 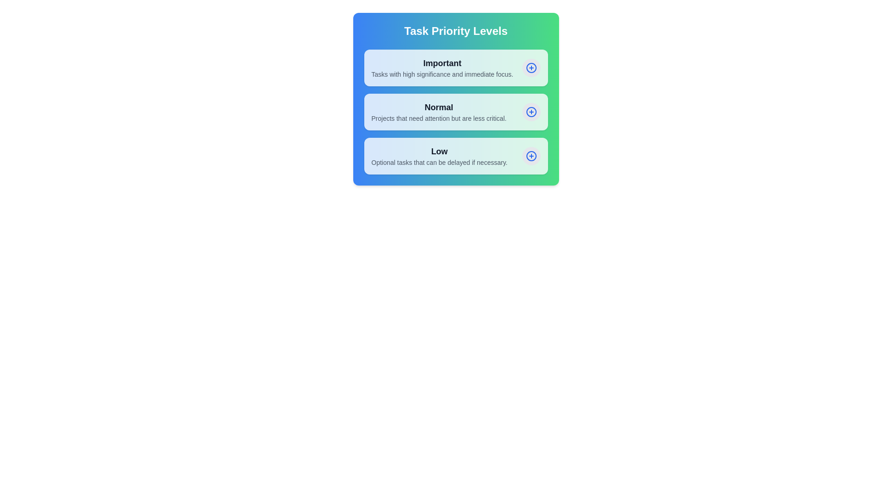 What do you see at coordinates (531, 67) in the screenshot?
I see `the button located in the upper row of the priority list labeled 'Important'` at bounding box center [531, 67].